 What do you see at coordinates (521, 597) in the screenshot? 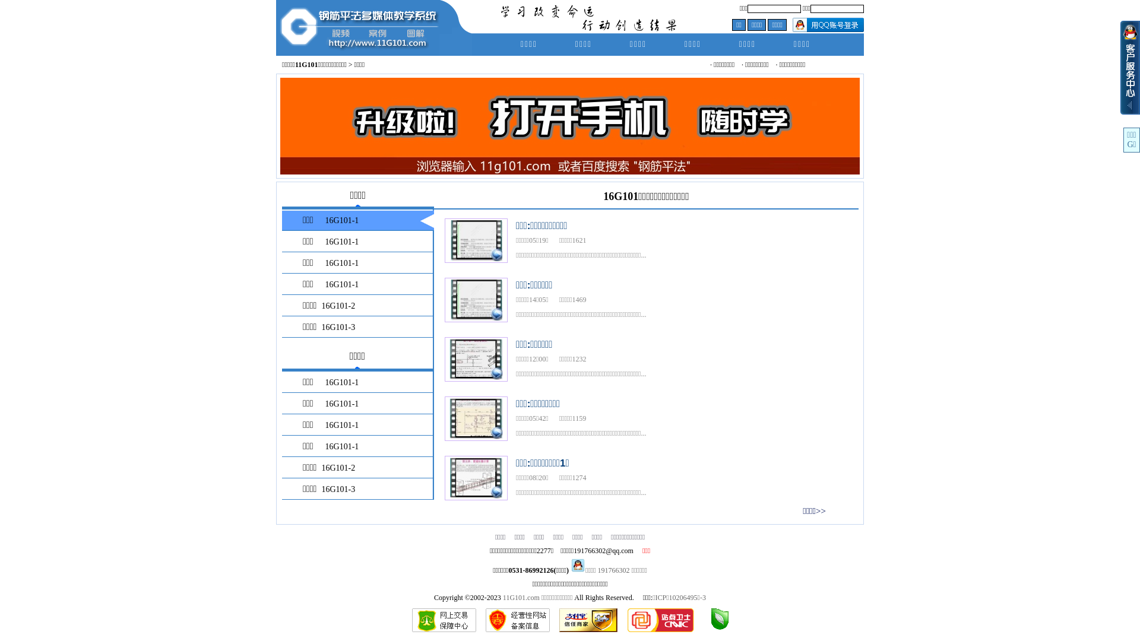
I see `'11G101.com'` at bounding box center [521, 597].